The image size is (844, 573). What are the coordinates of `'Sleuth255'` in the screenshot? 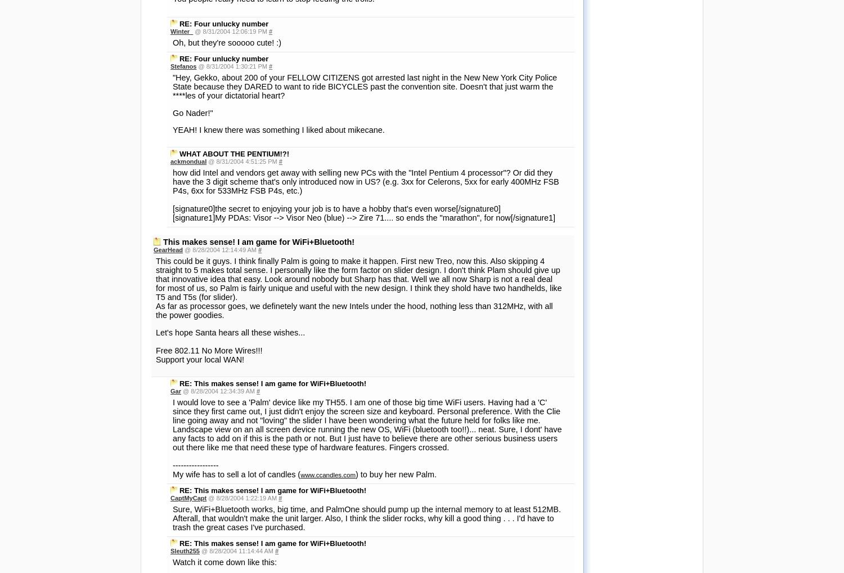 It's located at (184, 235).